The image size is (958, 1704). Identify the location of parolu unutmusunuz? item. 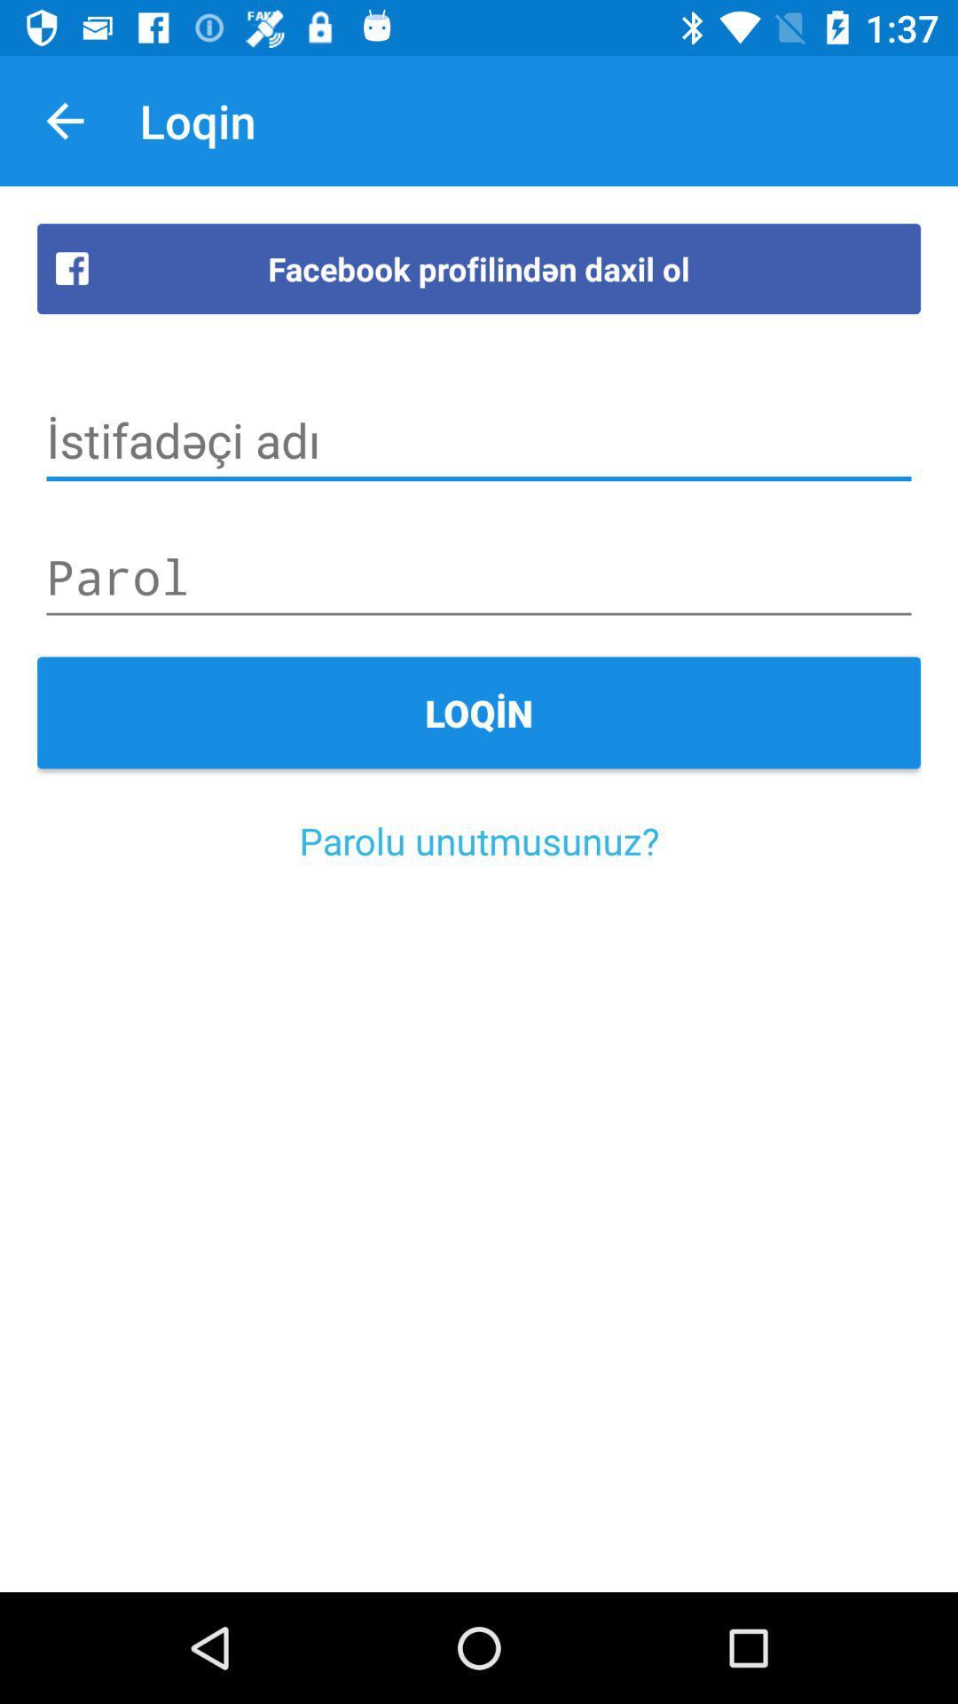
(479, 840).